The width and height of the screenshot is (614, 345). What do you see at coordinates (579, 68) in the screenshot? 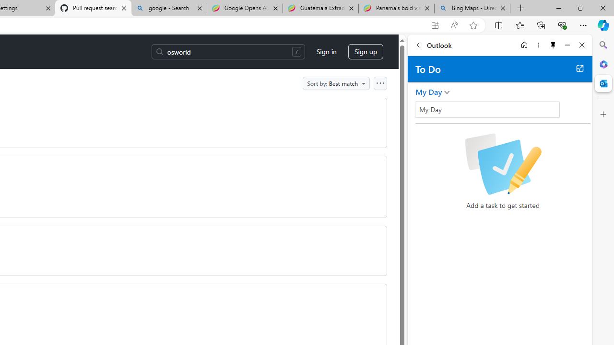
I see `'Open in new tab'` at bounding box center [579, 68].